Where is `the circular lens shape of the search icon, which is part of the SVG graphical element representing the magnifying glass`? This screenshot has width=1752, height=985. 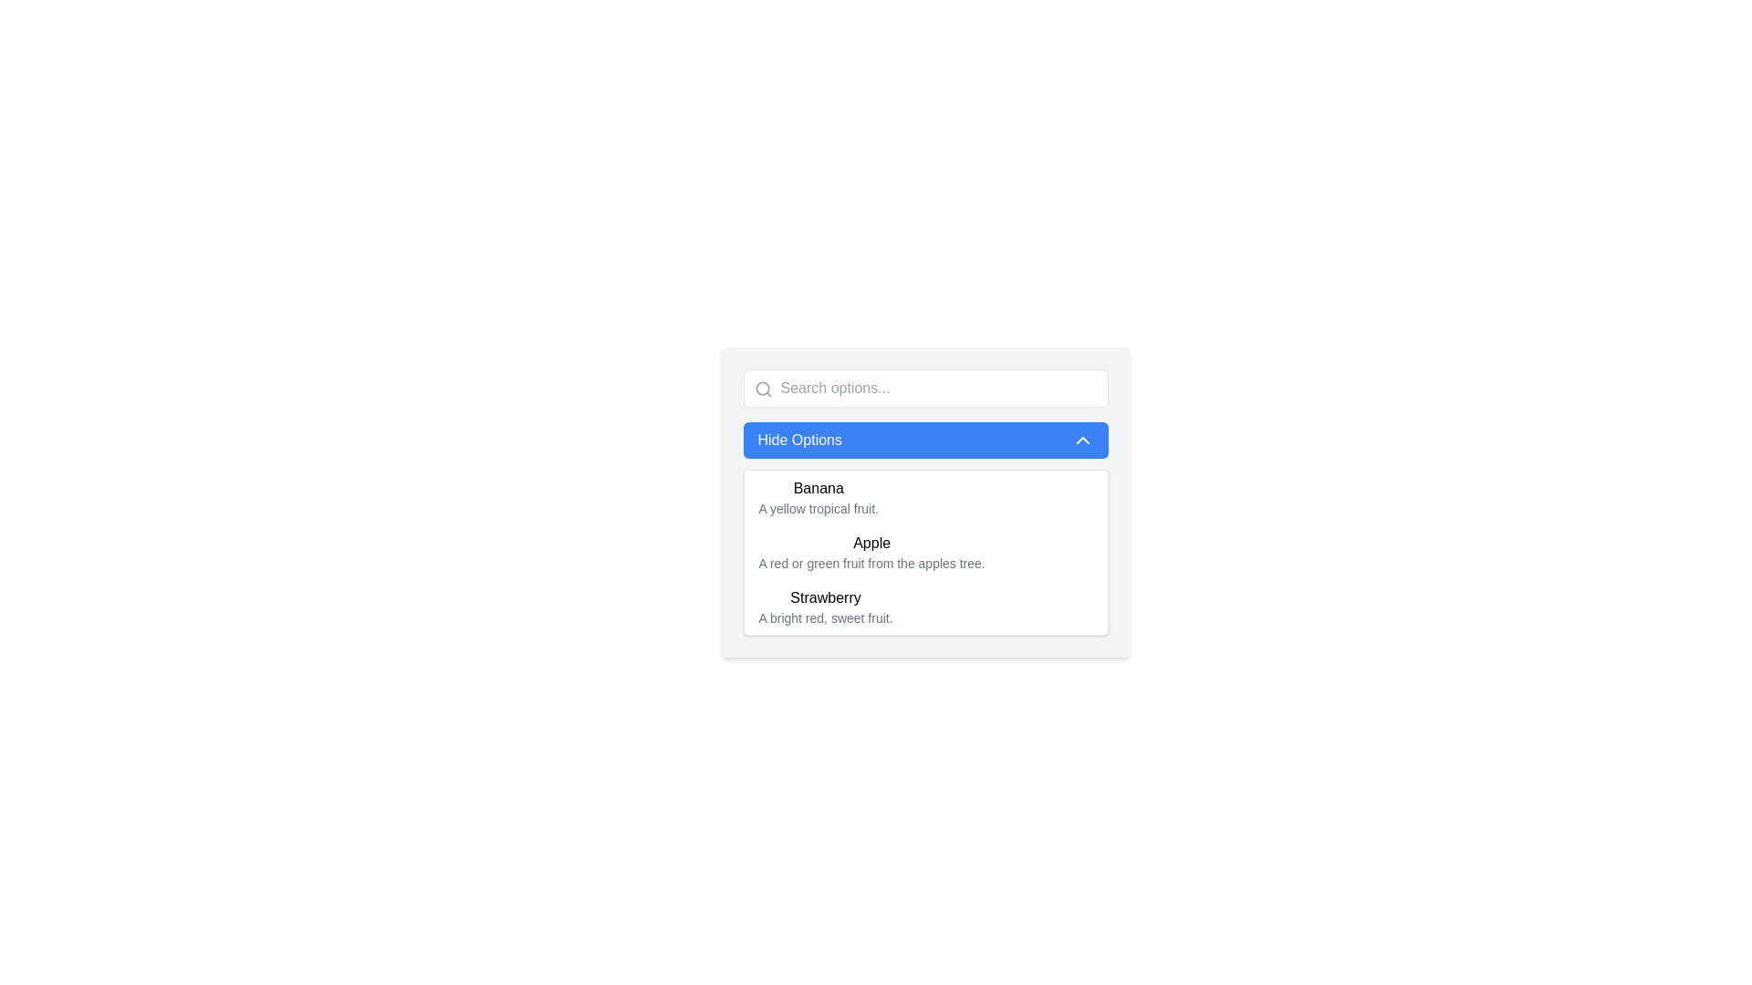
the circular lens shape of the search icon, which is part of the SVG graphical element representing the magnifying glass is located at coordinates (762, 388).